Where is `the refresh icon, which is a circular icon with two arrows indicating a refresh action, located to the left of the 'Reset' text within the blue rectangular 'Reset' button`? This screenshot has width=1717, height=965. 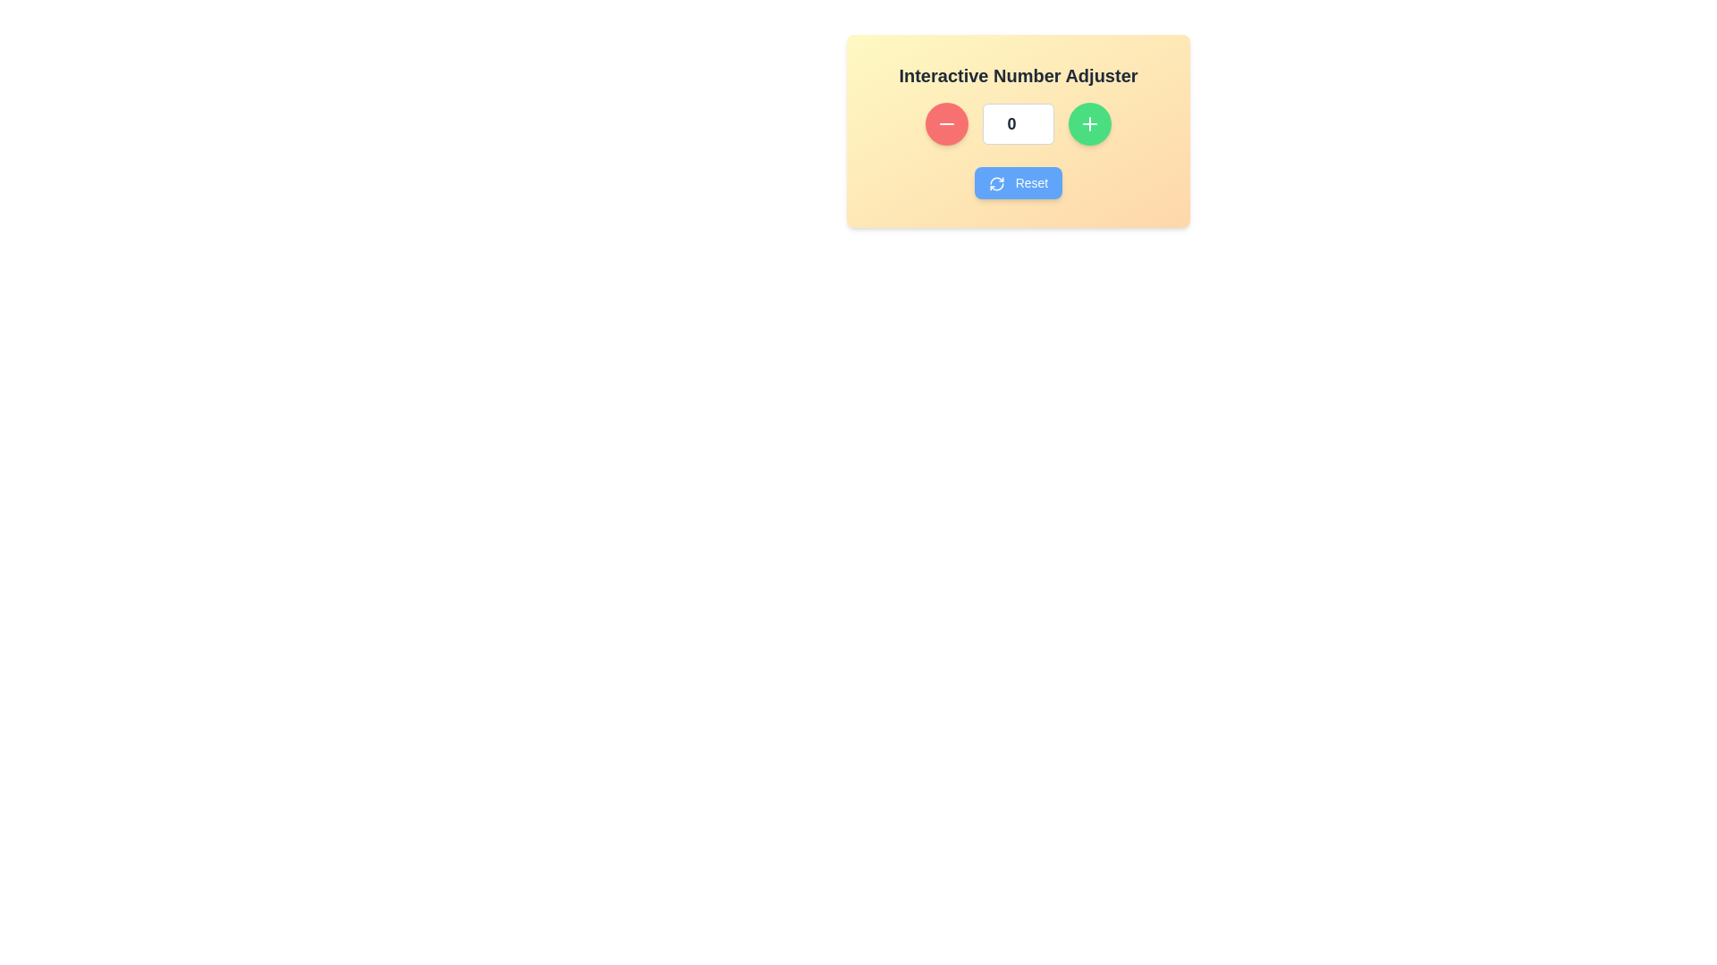 the refresh icon, which is a circular icon with two arrows indicating a refresh action, located to the left of the 'Reset' text within the blue rectangular 'Reset' button is located at coordinates (995, 184).